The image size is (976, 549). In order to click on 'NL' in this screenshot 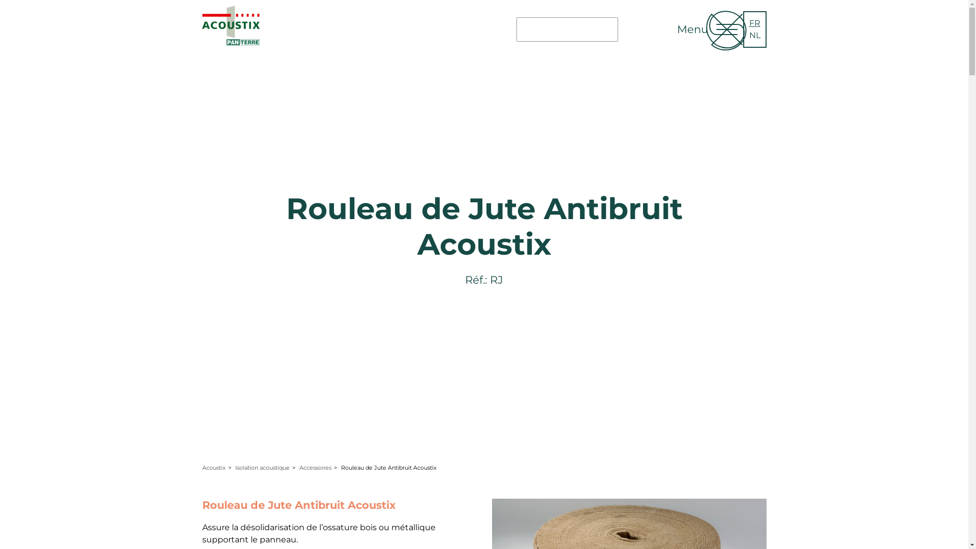, I will do `click(749, 35)`.